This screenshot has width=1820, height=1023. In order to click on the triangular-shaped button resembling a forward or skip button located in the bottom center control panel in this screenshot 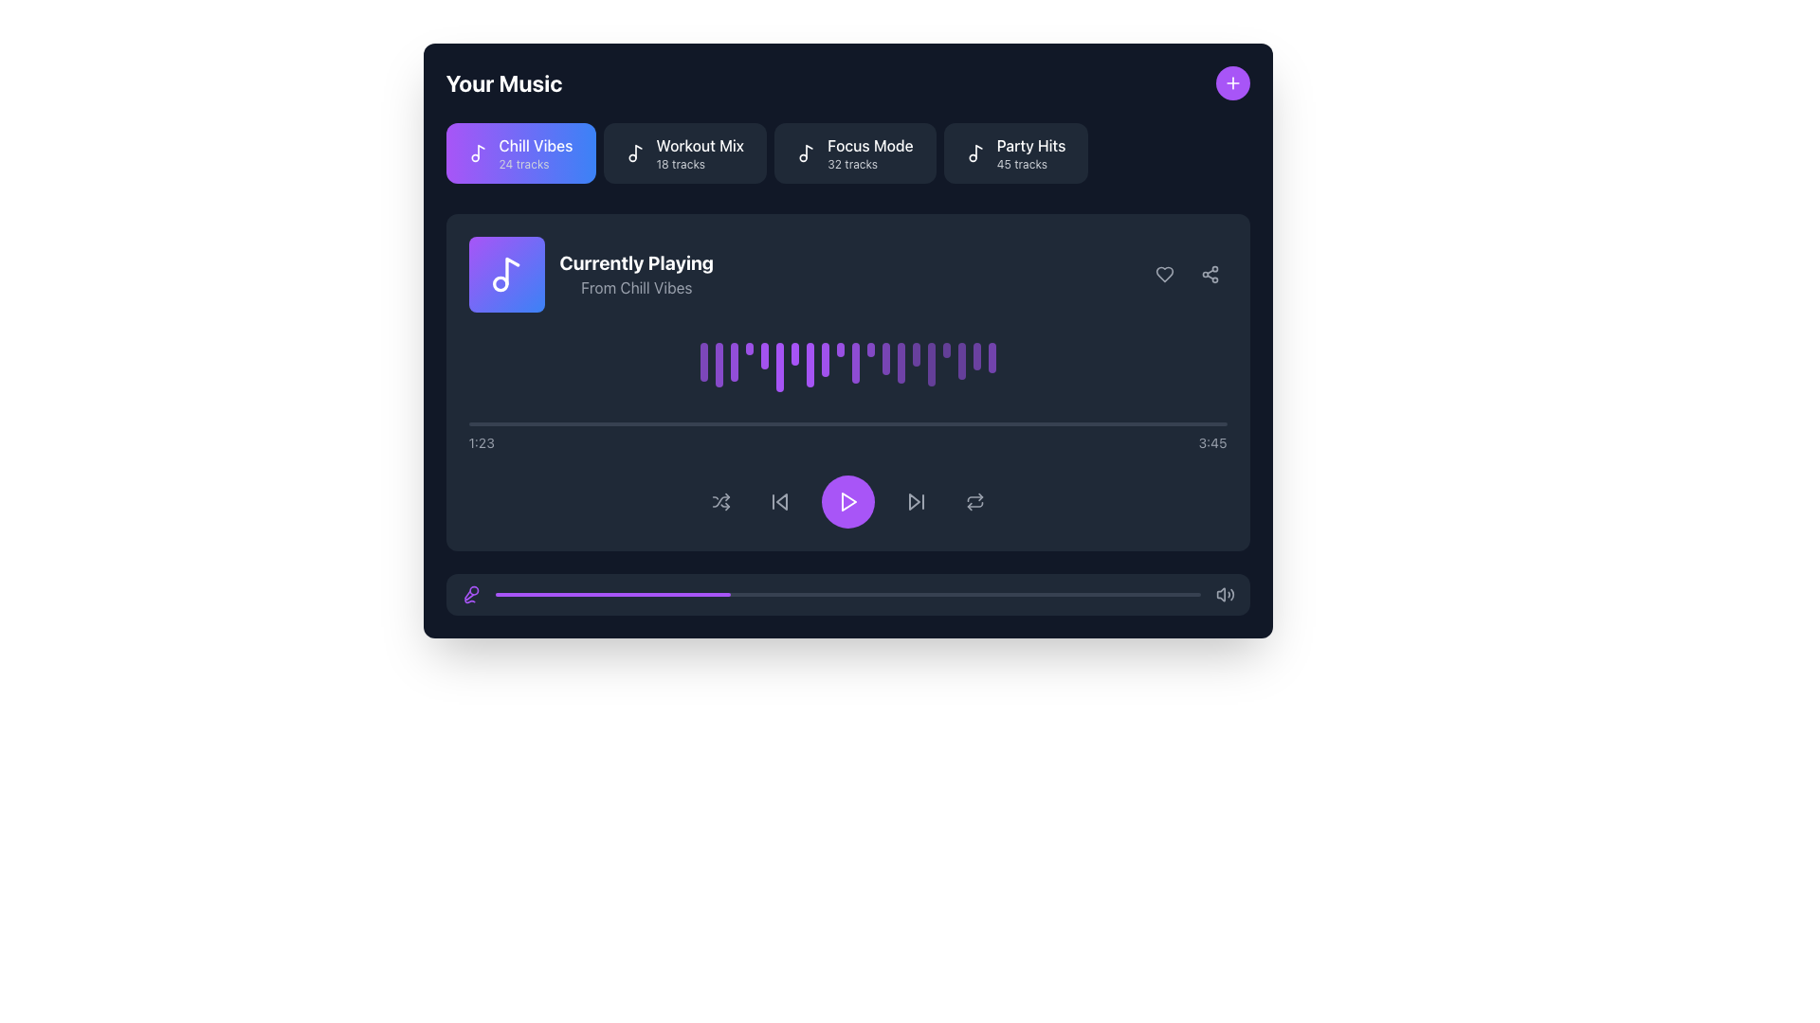, I will do `click(914, 501)`.